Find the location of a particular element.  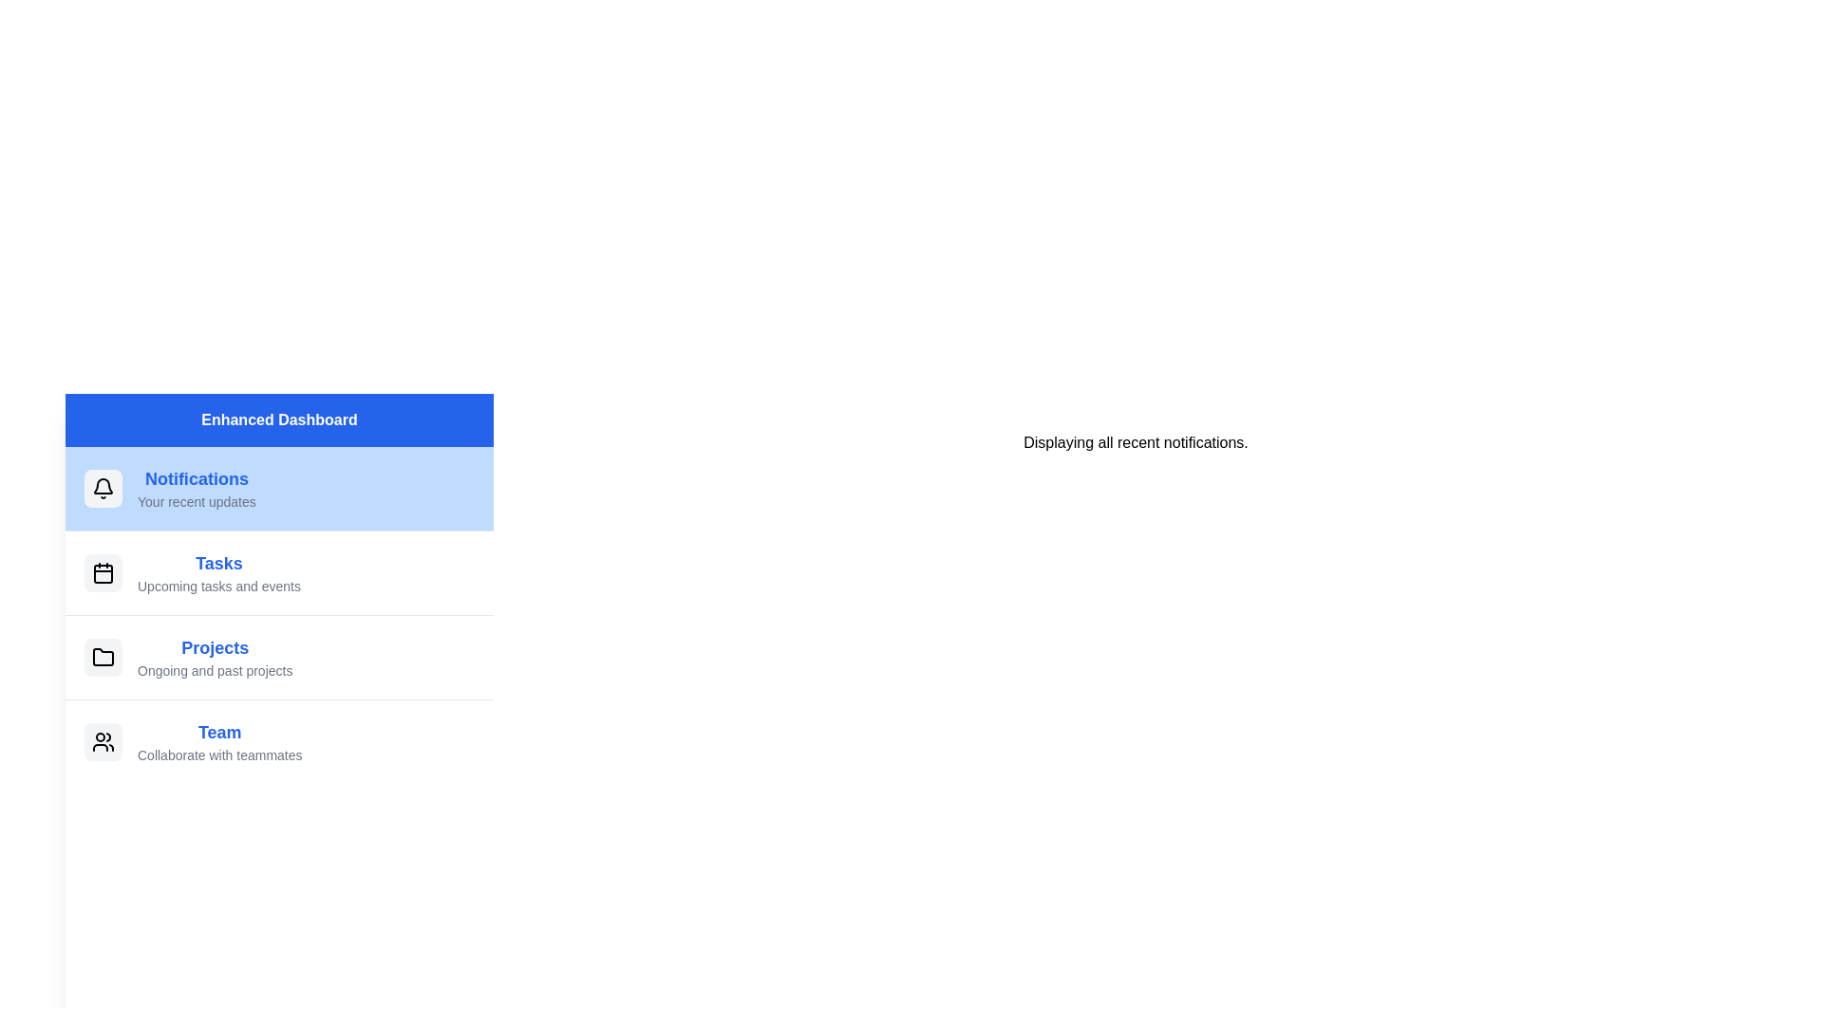

the menu item Notifications to access its context menu is located at coordinates (278, 488).